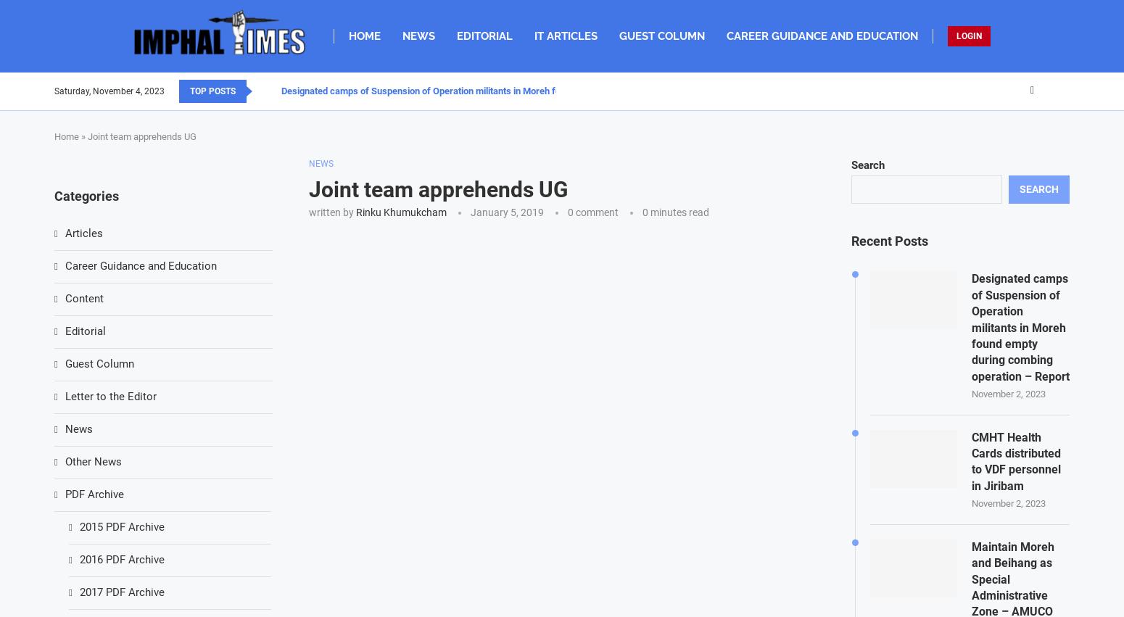 Image resolution: width=1124 pixels, height=617 pixels. What do you see at coordinates (99, 363) in the screenshot?
I see `'Guest Column'` at bounding box center [99, 363].